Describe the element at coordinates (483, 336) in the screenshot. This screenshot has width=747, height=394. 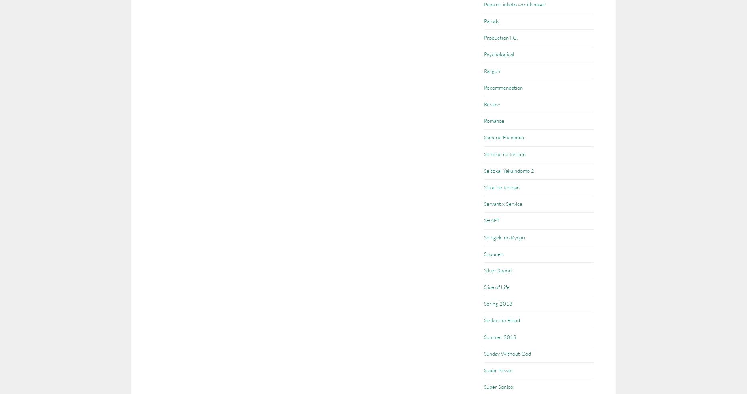
I see `'Summer 2013'` at that location.